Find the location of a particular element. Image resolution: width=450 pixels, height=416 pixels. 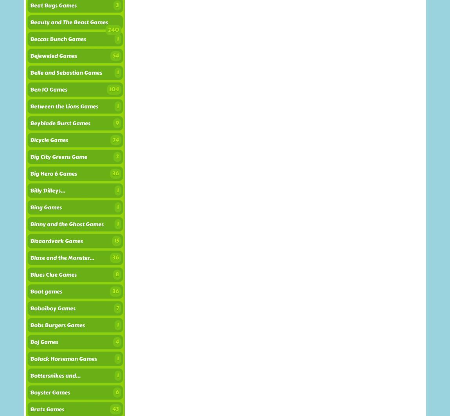

'Blues Clue Games' is located at coordinates (53, 274).